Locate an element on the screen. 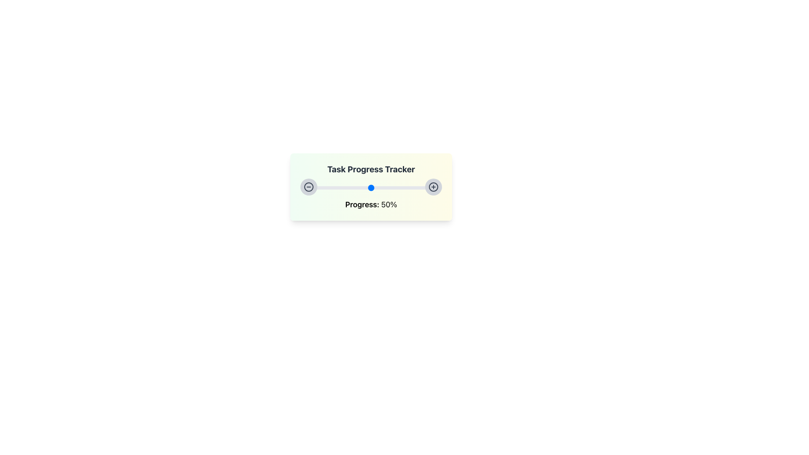  the slider is located at coordinates (392, 187).